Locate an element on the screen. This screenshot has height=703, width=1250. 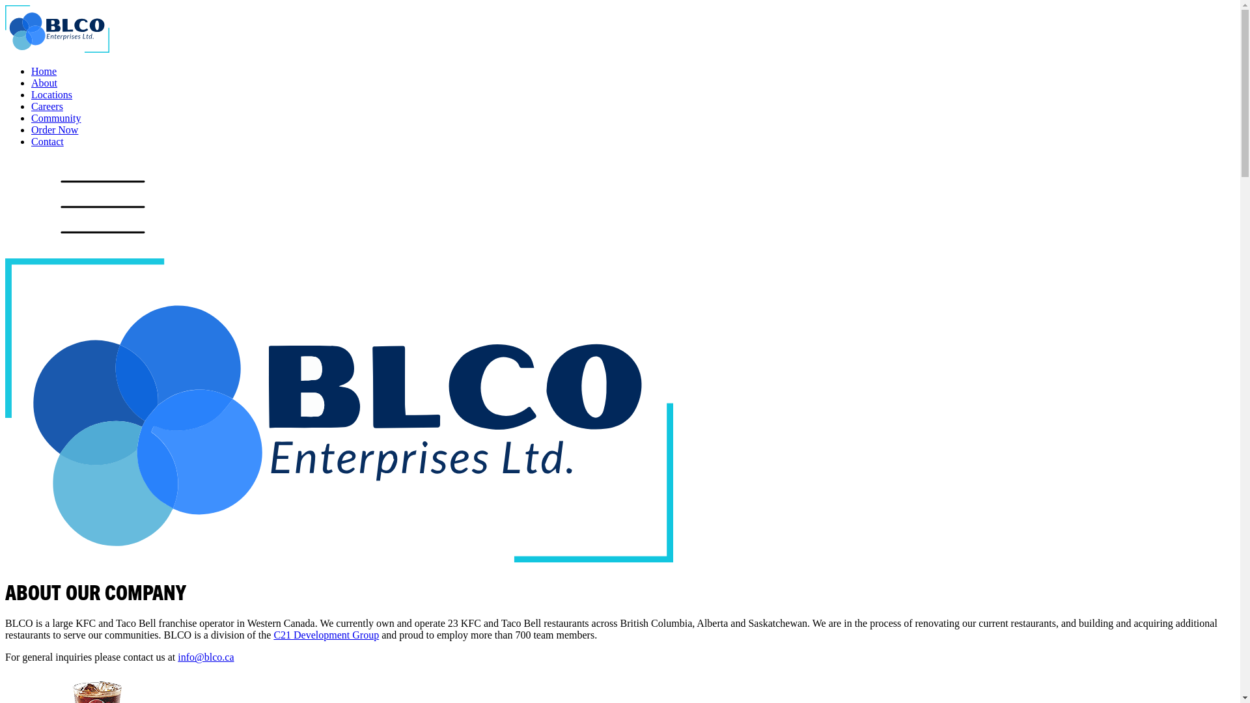
'About' is located at coordinates (44, 83).